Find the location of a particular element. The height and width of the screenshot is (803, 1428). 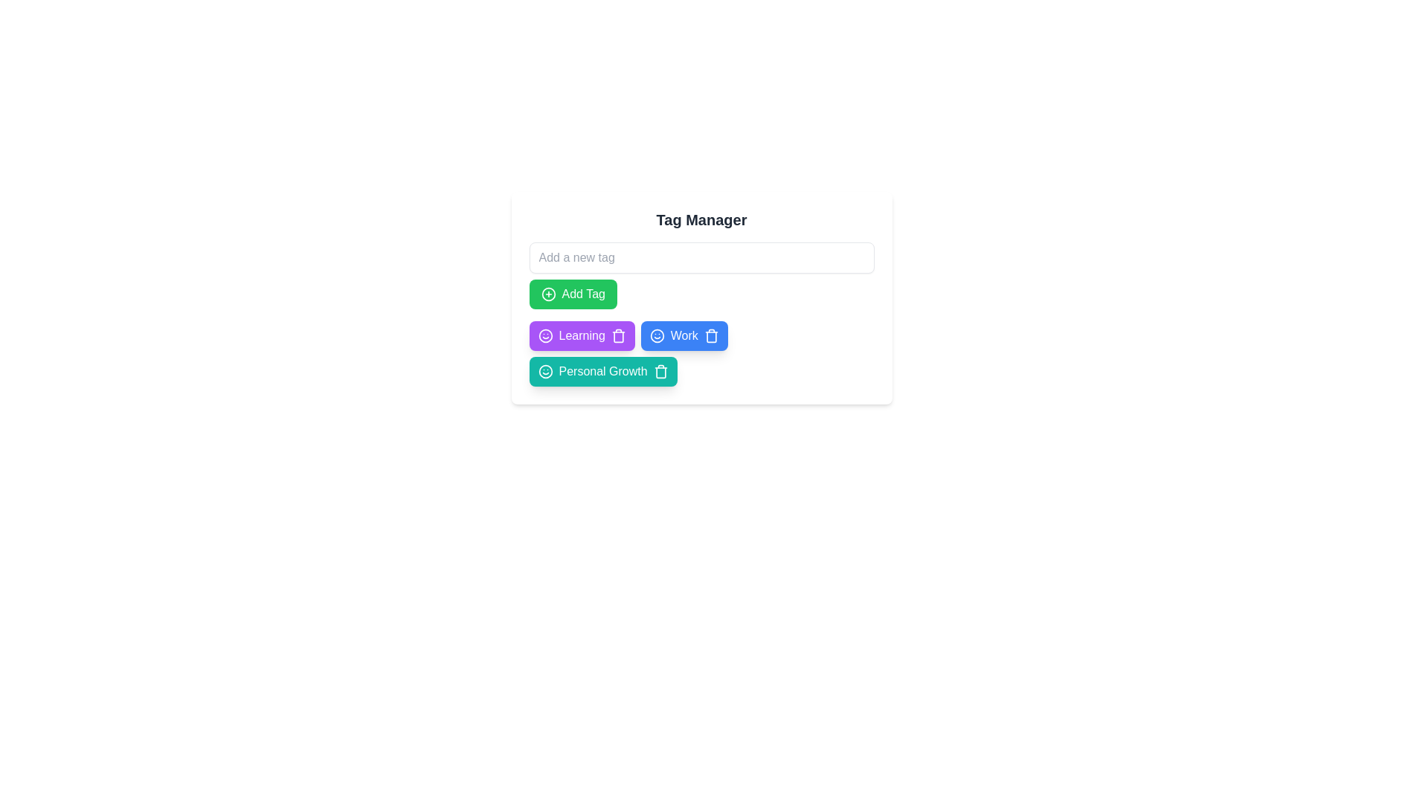

the 'Tag Manager' title is located at coordinates (701, 220).